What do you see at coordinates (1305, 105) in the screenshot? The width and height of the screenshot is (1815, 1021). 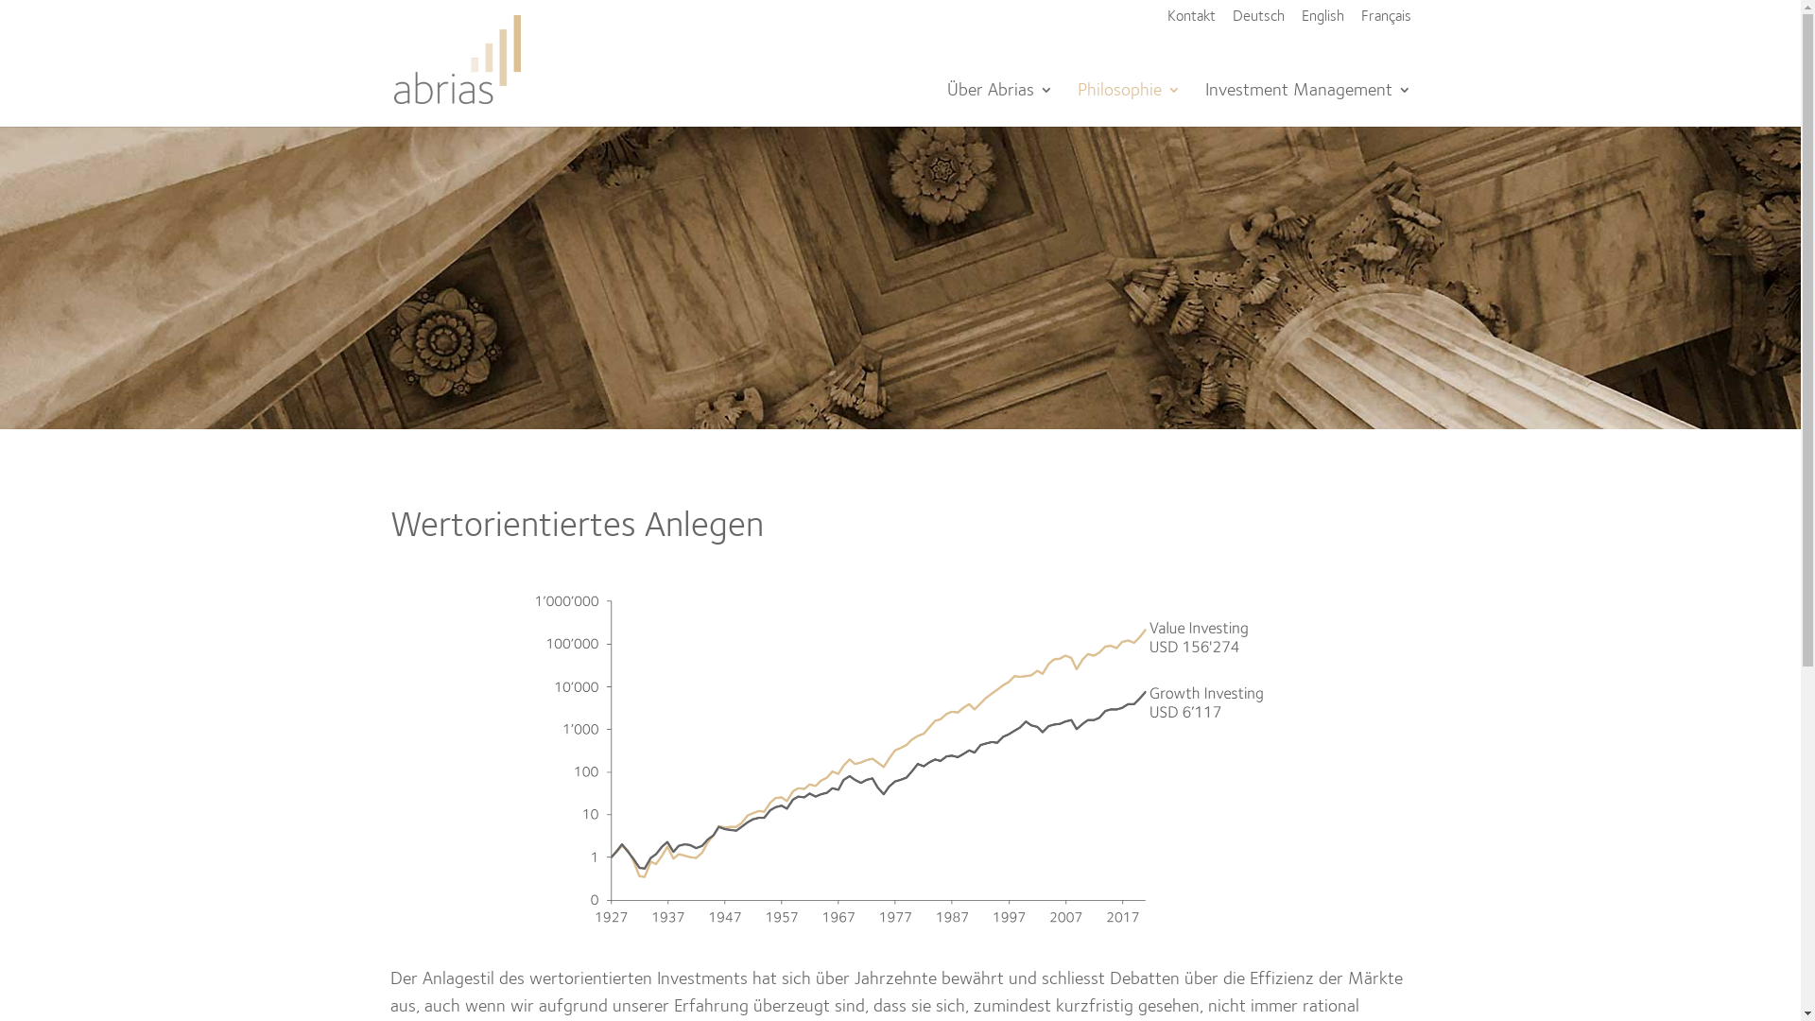 I see `'Investment Management'` at bounding box center [1305, 105].